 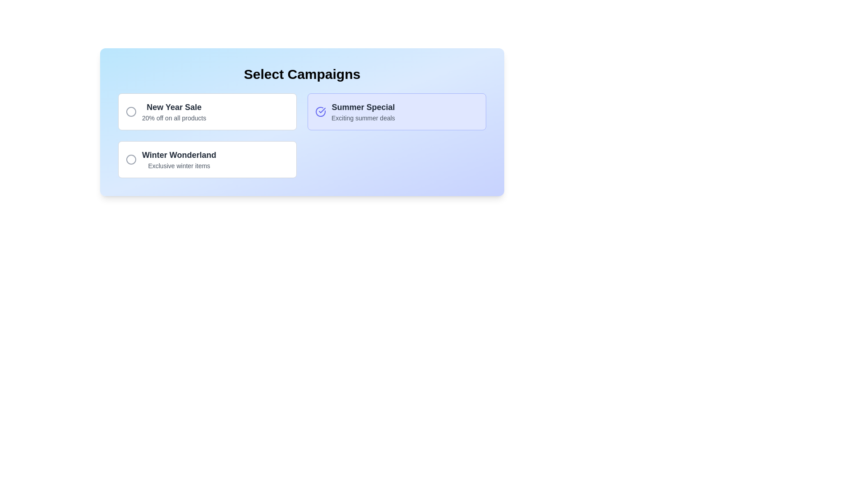 What do you see at coordinates (179, 154) in the screenshot?
I see `text displayed in the 'Winter Wonderland' campaign title label located in the bottom left panel of the 'Select Campaigns' interface, positioned above 'Exclusive winter items'` at bounding box center [179, 154].